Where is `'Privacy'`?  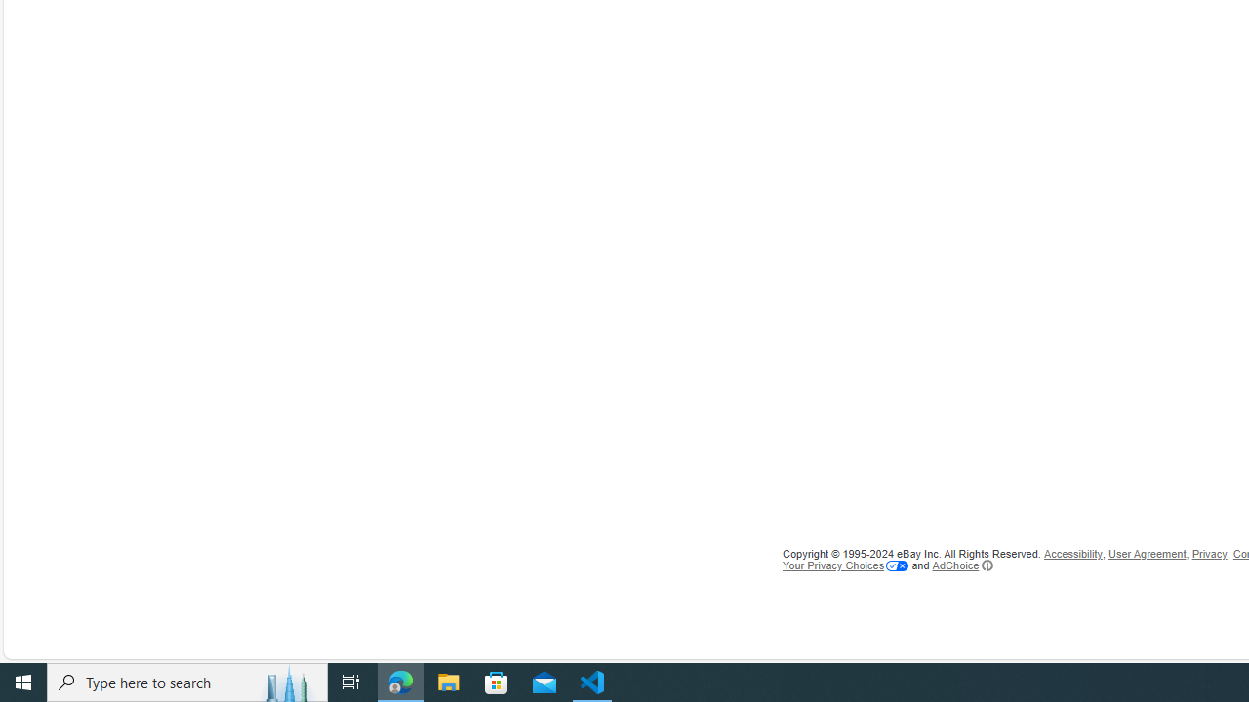 'Privacy' is located at coordinates (1208, 554).